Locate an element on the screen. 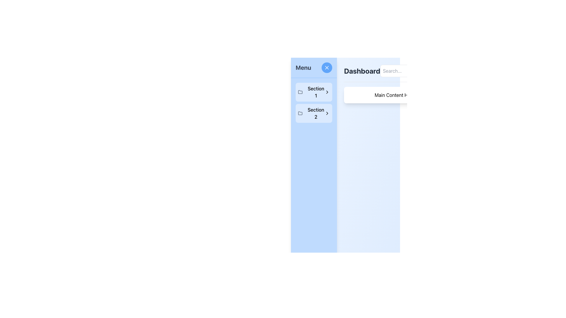 Image resolution: width=566 pixels, height=318 pixels. the small SVG 'X' icon located within the circular blue button is located at coordinates (327, 67).